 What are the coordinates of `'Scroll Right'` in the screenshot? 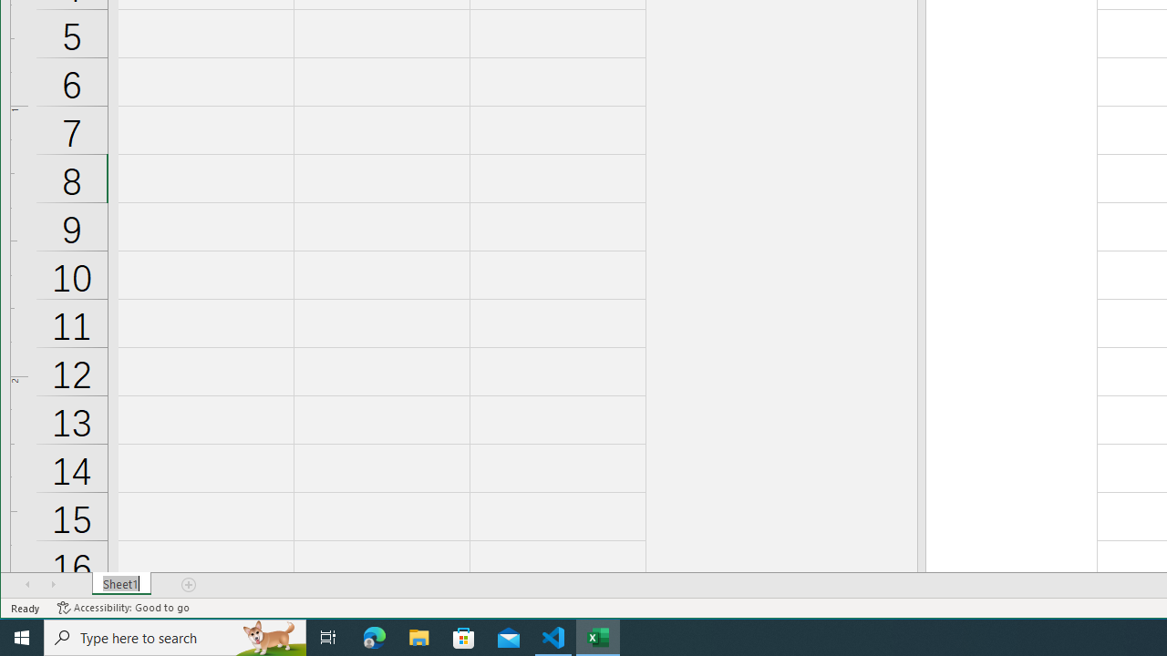 It's located at (53, 584).